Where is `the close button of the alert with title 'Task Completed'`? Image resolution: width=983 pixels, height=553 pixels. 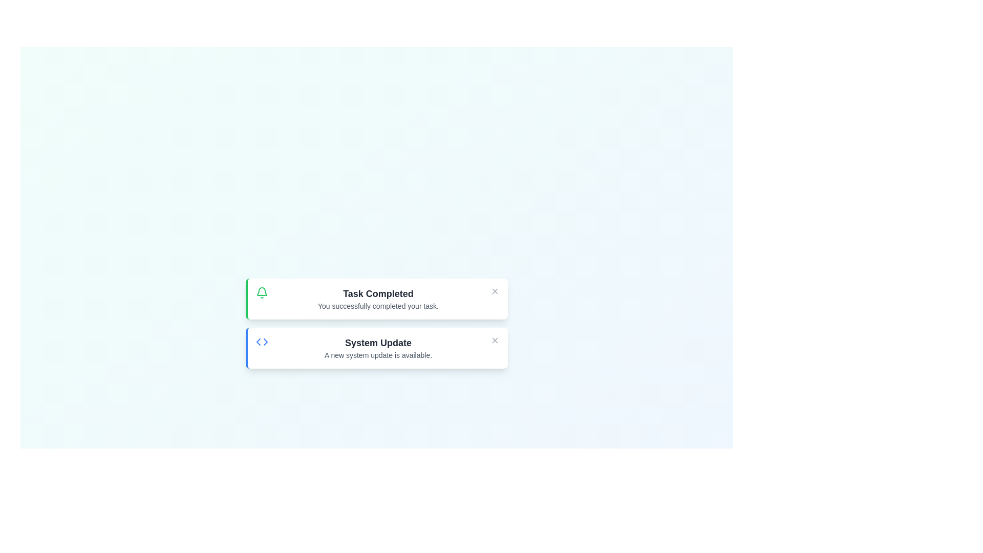
the close button of the alert with title 'Task Completed' is located at coordinates (495, 291).